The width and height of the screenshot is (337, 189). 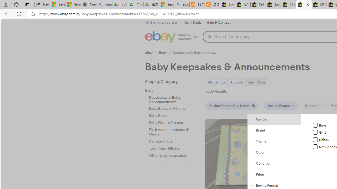 What do you see at coordinates (274, 164) in the screenshot?
I see `'Condition'` at bounding box center [274, 164].